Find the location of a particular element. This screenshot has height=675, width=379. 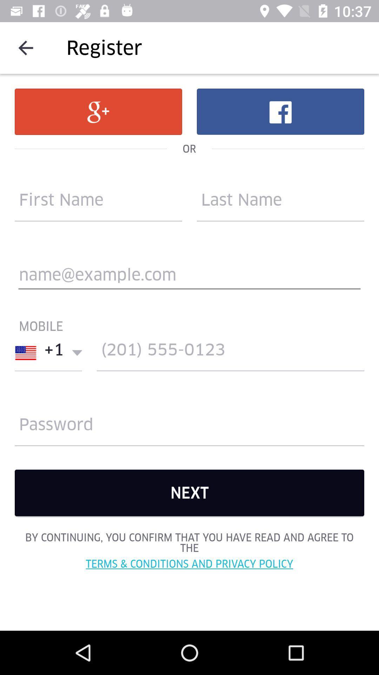

password is located at coordinates (189, 427).